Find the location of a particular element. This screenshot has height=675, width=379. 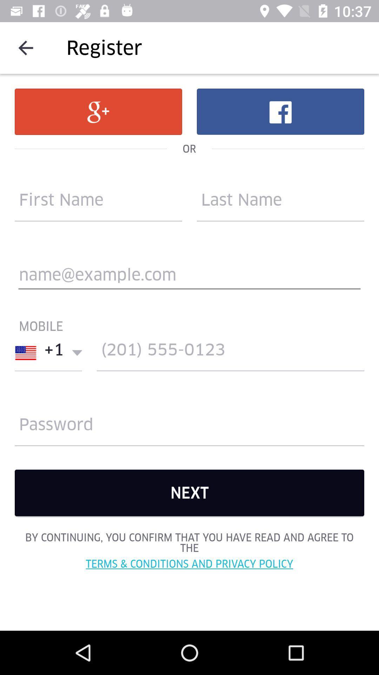

password is located at coordinates (189, 427).